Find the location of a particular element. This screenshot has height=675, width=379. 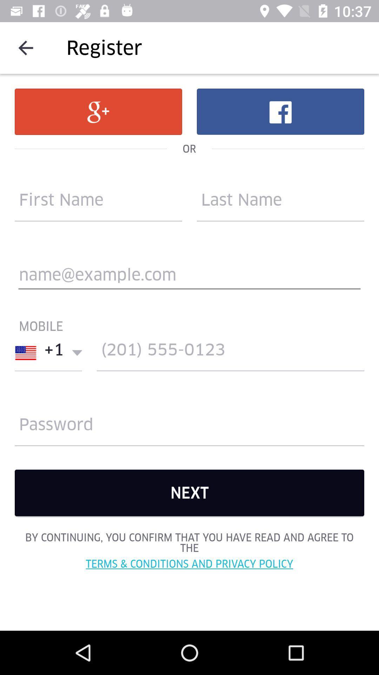

password is located at coordinates (189, 427).